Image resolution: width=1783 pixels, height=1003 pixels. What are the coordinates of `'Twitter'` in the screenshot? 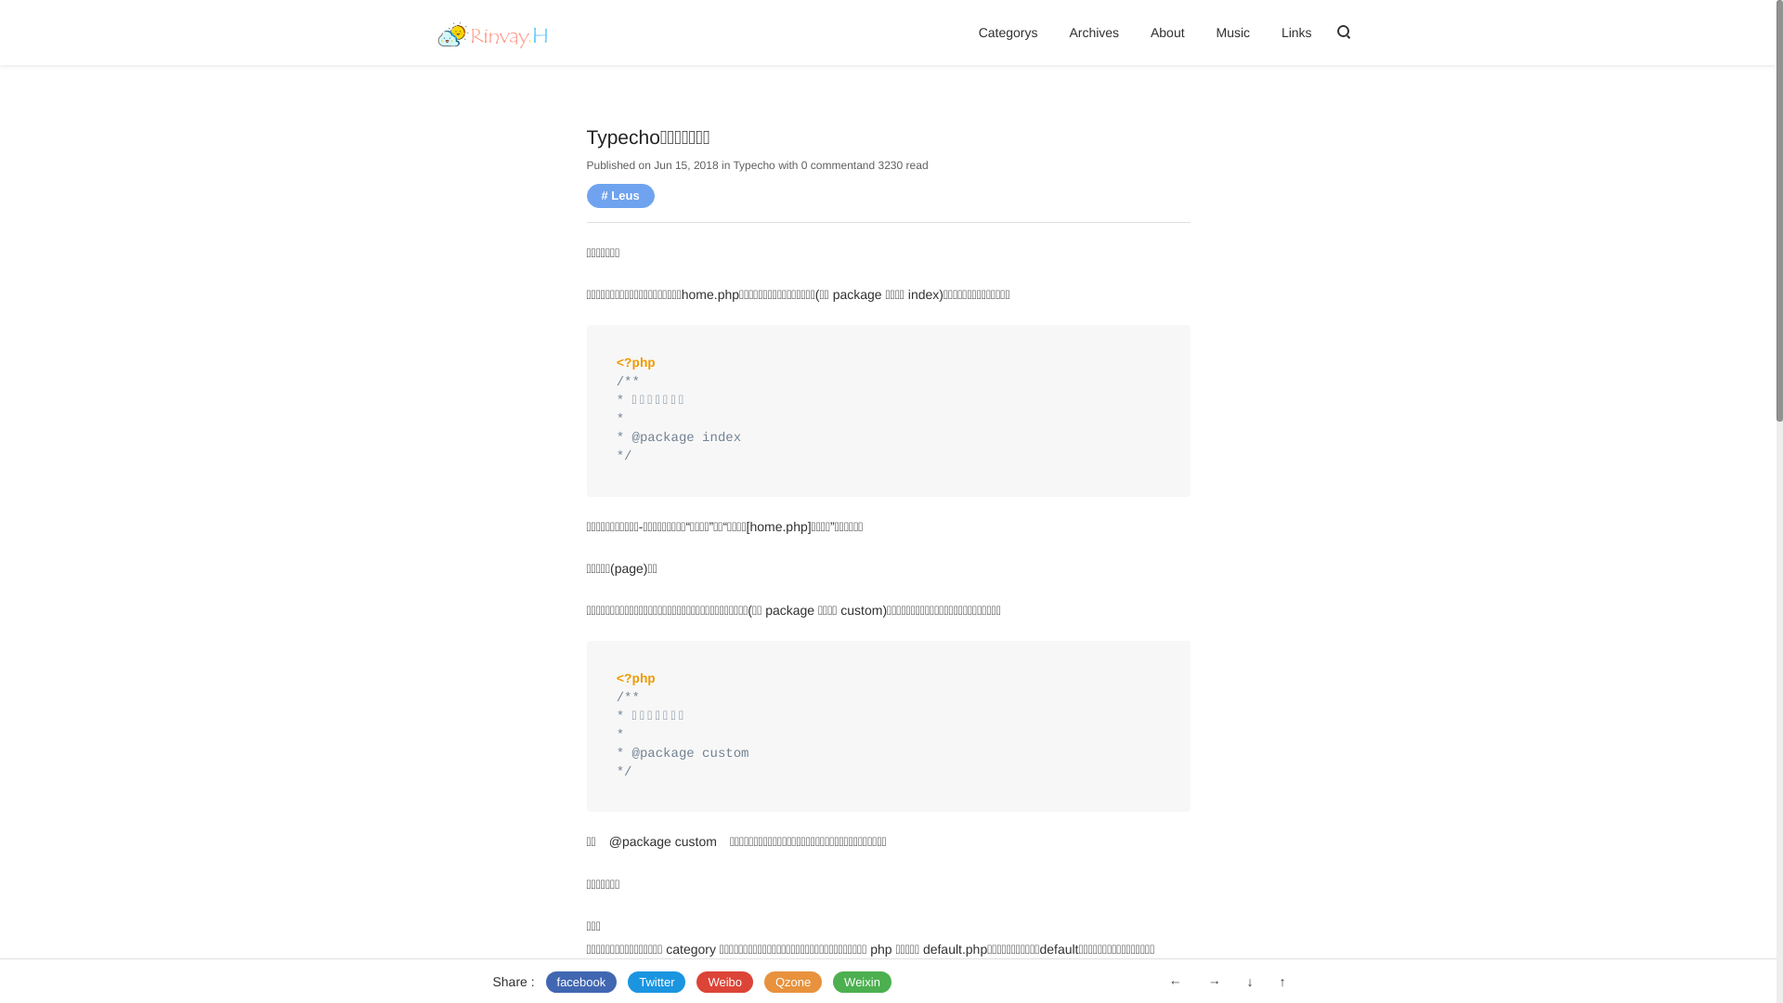 It's located at (656, 981).